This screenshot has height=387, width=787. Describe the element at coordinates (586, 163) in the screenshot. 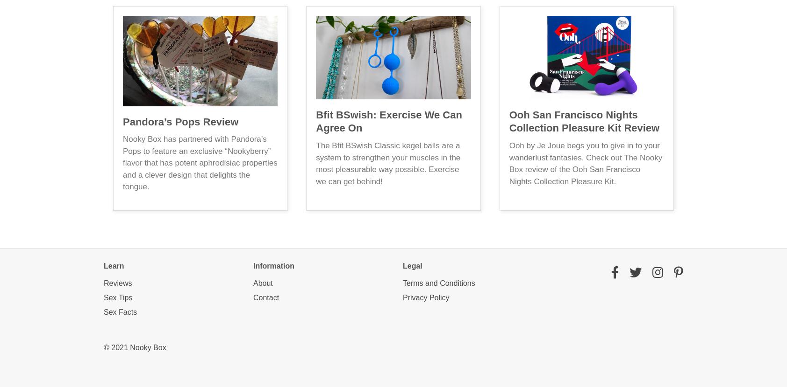

I see `'Ooh by Je Joue begs you to give in to your wanderlust fantasies. Check out The Nooky Box review of the Ooh San Francisco Nights Collection Pleasure Kit.'` at that location.